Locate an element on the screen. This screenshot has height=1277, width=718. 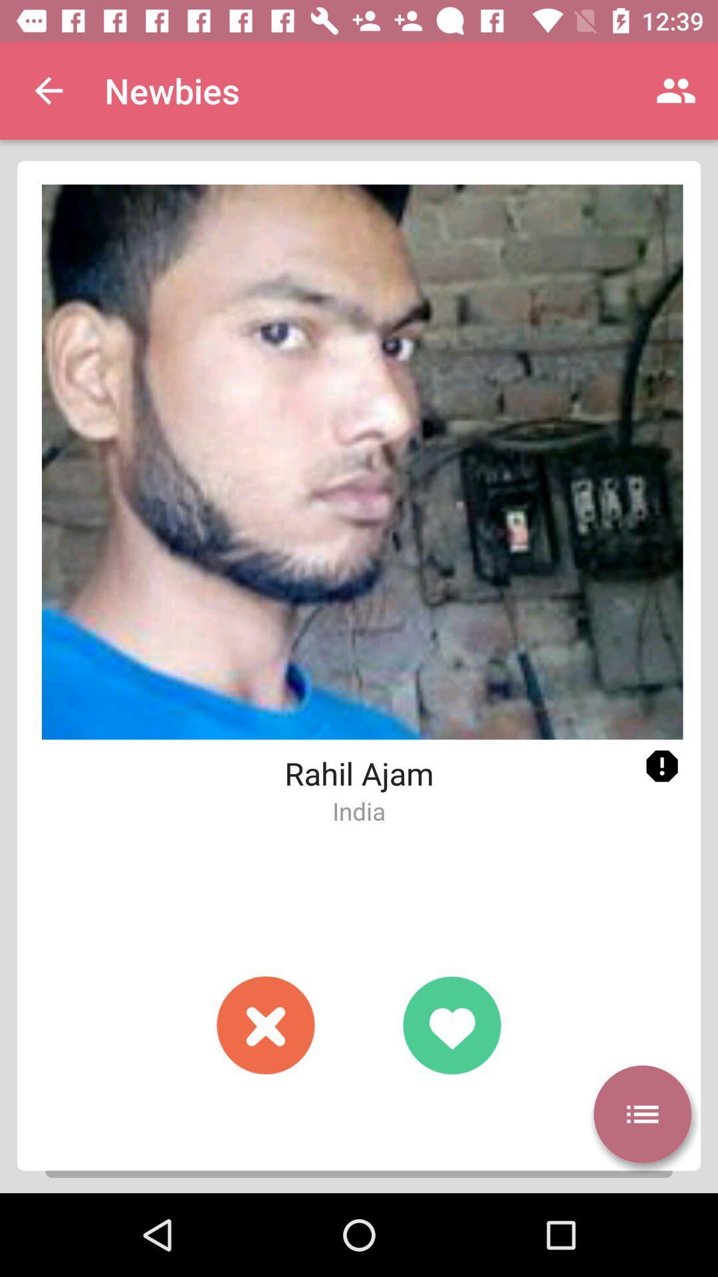
to like is located at coordinates (451, 1024).